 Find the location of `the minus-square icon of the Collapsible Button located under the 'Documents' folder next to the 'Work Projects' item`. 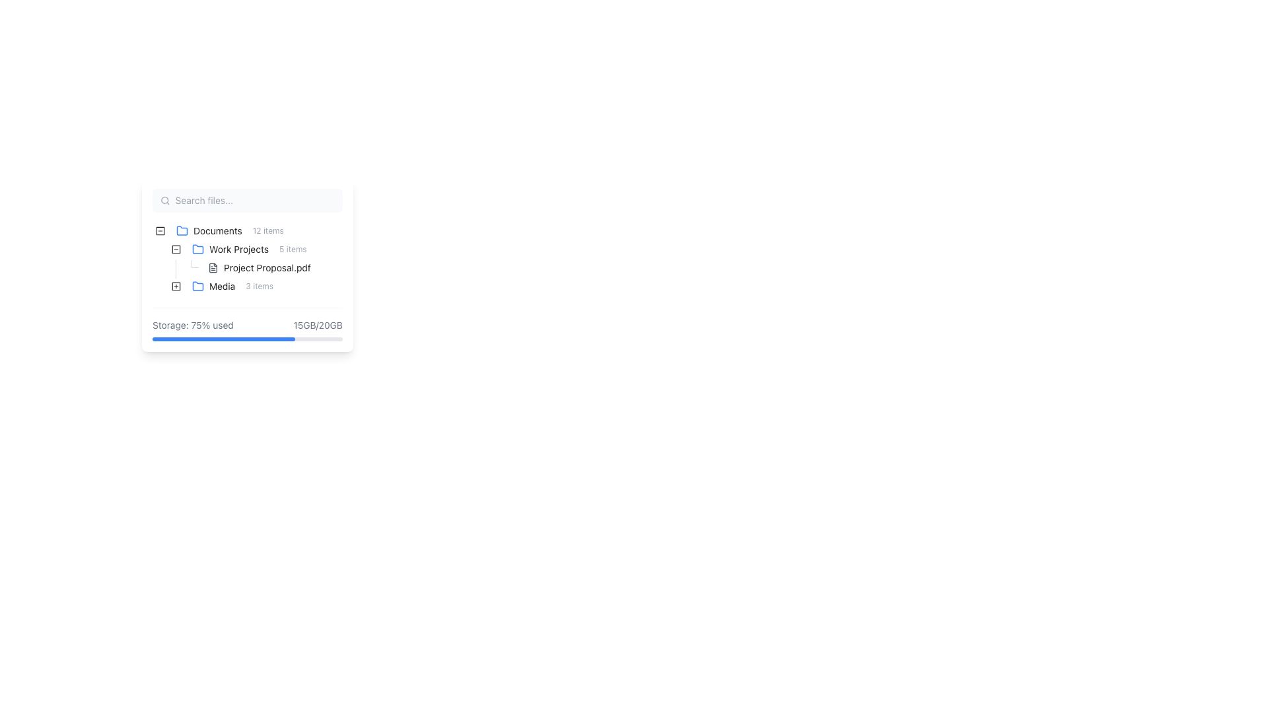

the minus-square icon of the Collapsible Button located under the 'Documents' folder next to the 'Work Projects' item is located at coordinates (160, 230).